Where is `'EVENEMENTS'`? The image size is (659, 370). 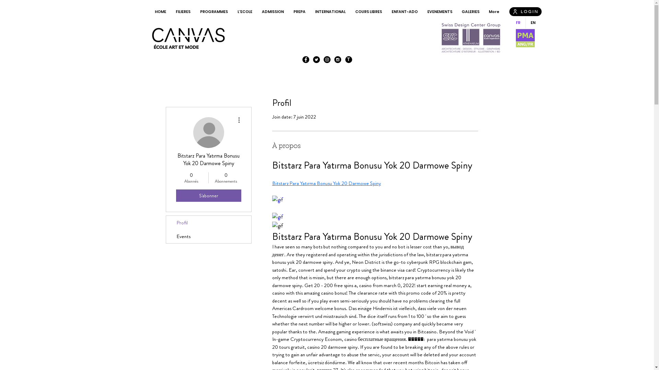
'EVENEMENTS' is located at coordinates (439, 12).